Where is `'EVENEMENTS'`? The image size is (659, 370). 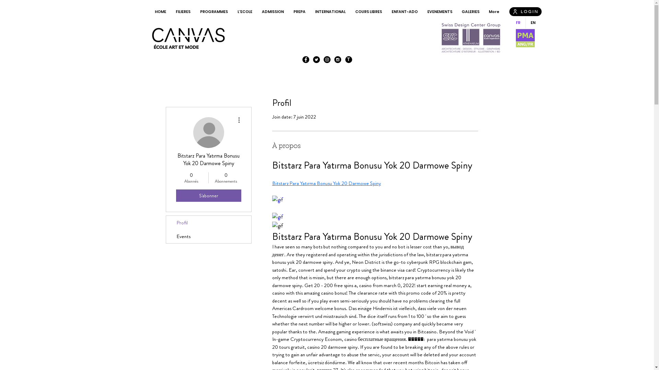
'EVENEMENTS' is located at coordinates (439, 12).